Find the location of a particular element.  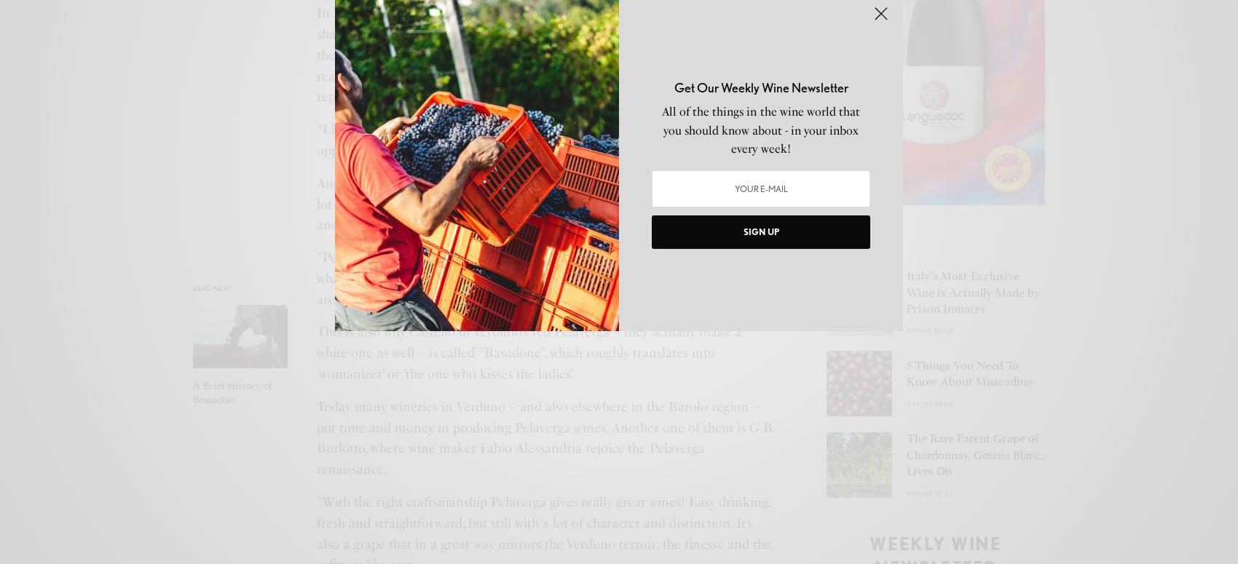

'”I love working with Pelaverga, it’s a grape that produces wines that are totally opposite to Barolo and Barbaresco,” Mario says.' is located at coordinates (317, 139).